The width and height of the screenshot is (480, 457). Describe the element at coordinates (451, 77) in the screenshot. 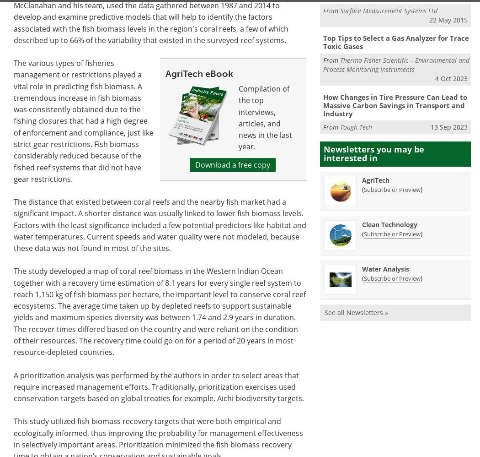

I see `'4 Oct 2023'` at that location.